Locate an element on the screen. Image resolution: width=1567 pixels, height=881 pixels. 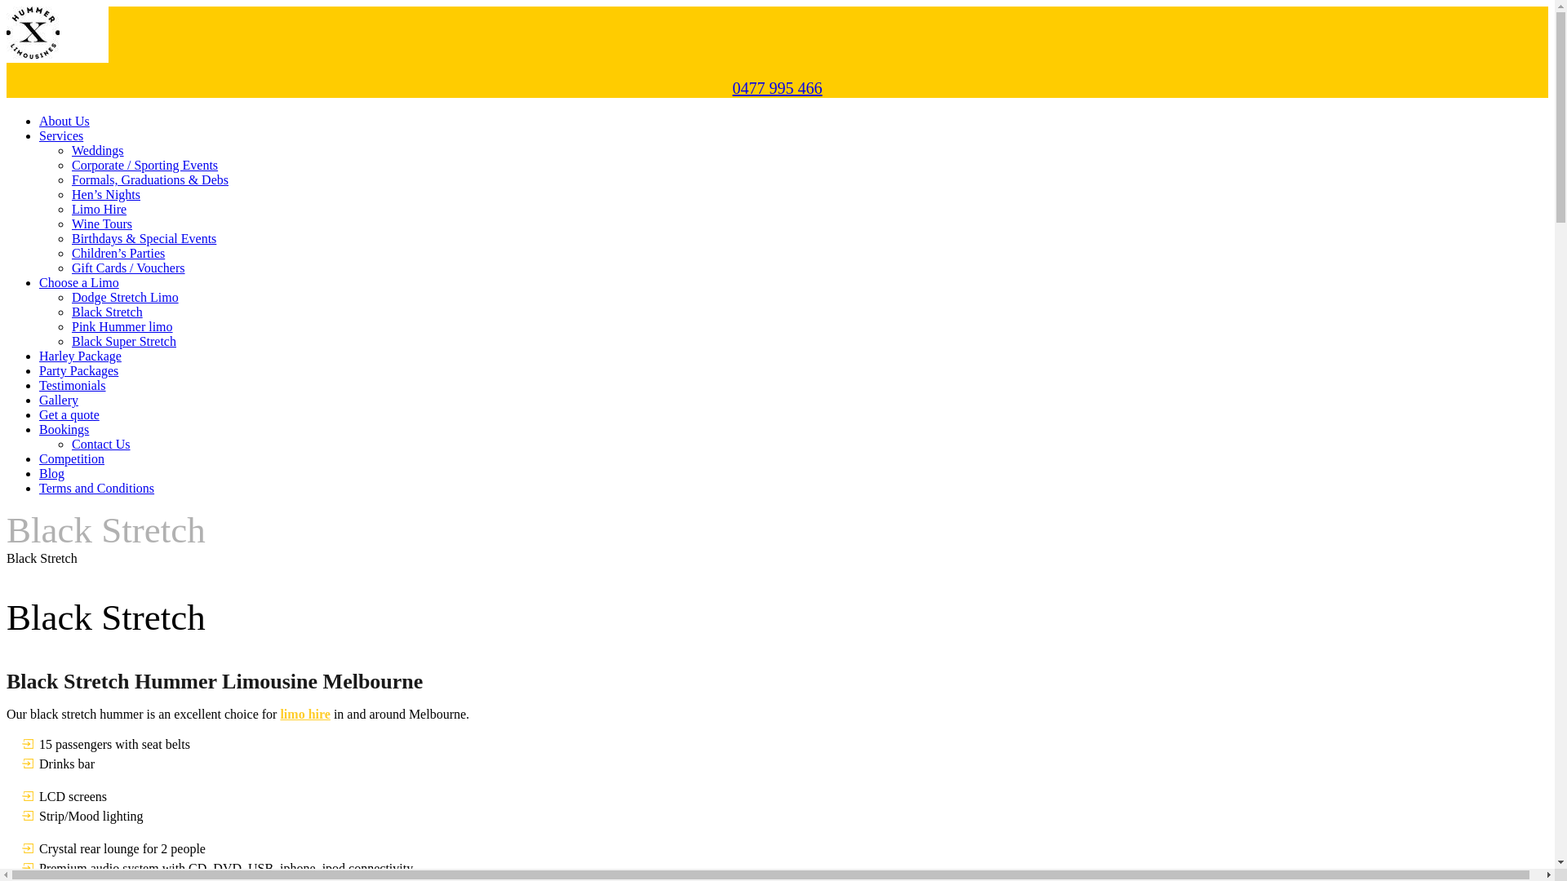
'Black Stretch' is located at coordinates (106, 312).